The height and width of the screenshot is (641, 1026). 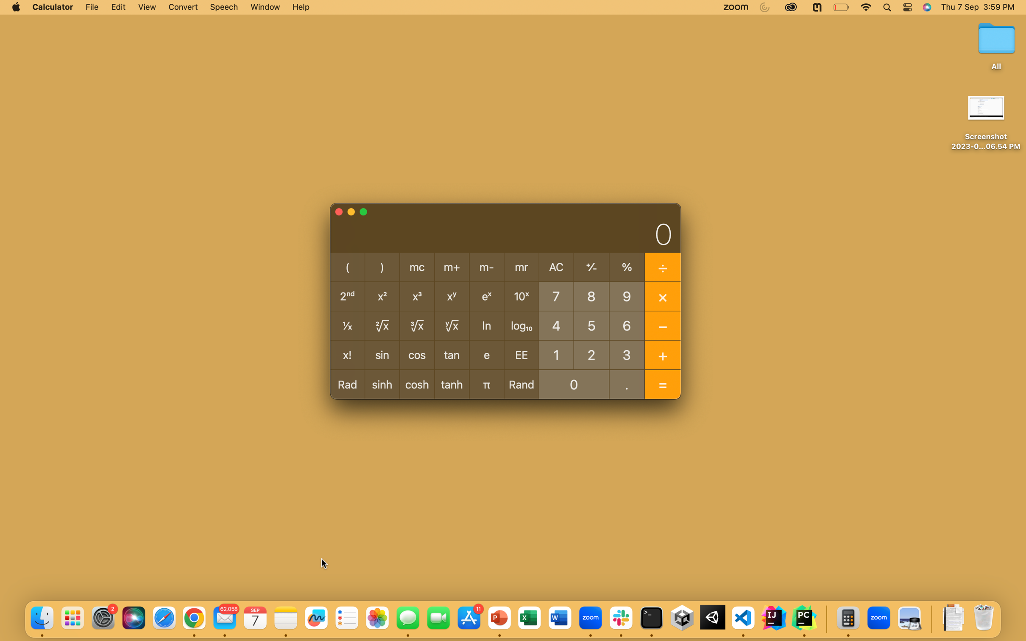 What do you see at coordinates (626, 325) in the screenshot?
I see `the root of 64 square` at bounding box center [626, 325].